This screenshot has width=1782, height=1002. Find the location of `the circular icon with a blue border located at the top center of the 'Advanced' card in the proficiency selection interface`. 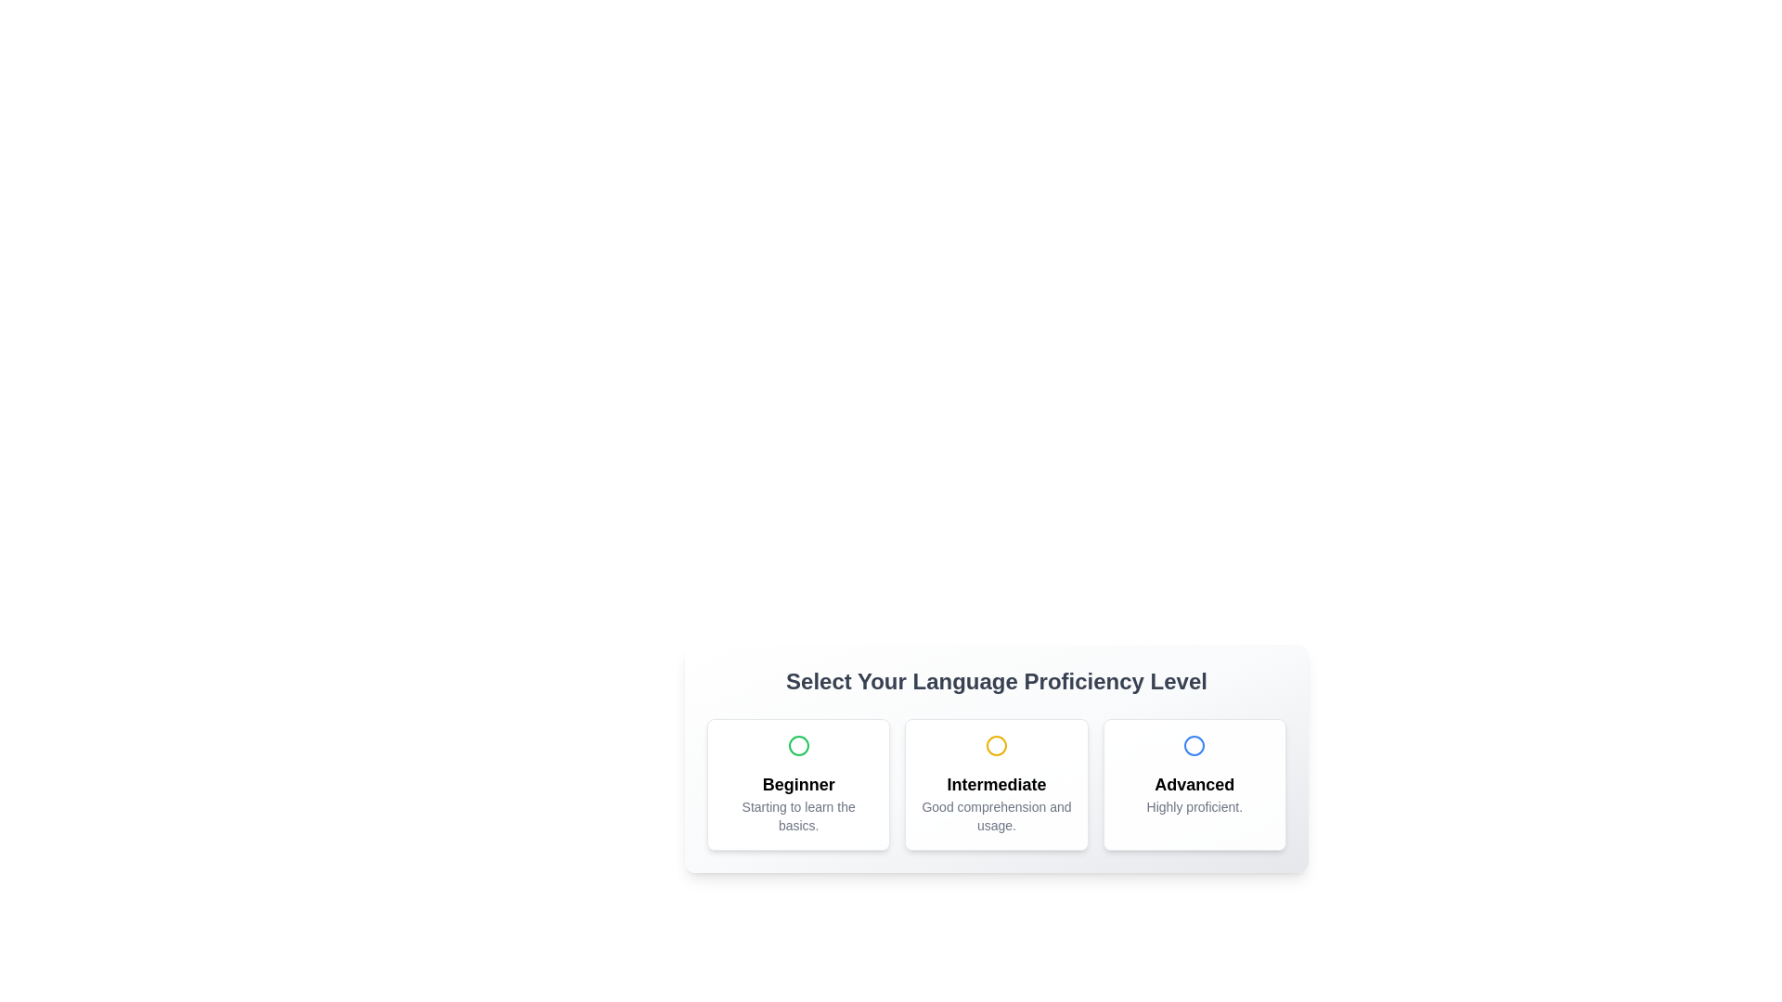

the circular icon with a blue border located at the top center of the 'Advanced' card in the proficiency selection interface is located at coordinates (1194, 744).